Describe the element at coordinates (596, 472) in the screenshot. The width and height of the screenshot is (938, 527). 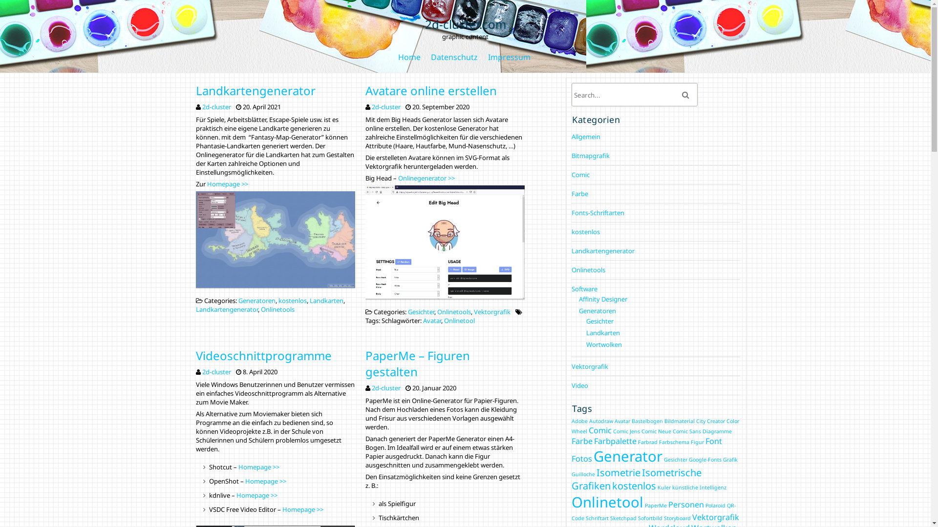
I see `'Isometrie'` at that location.